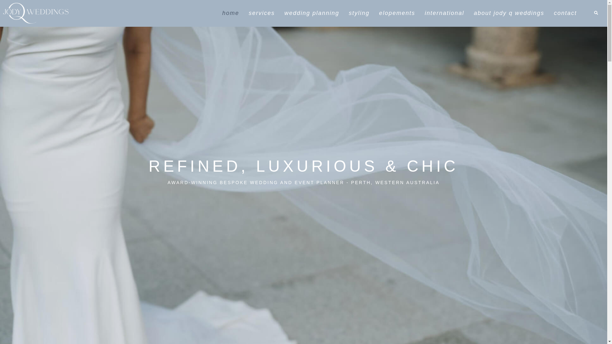 The width and height of the screenshot is (612, 344). What do you see at coordinates (359, 13) in the screenshot?
I see `'styling'` at bounding box center [359, 13].